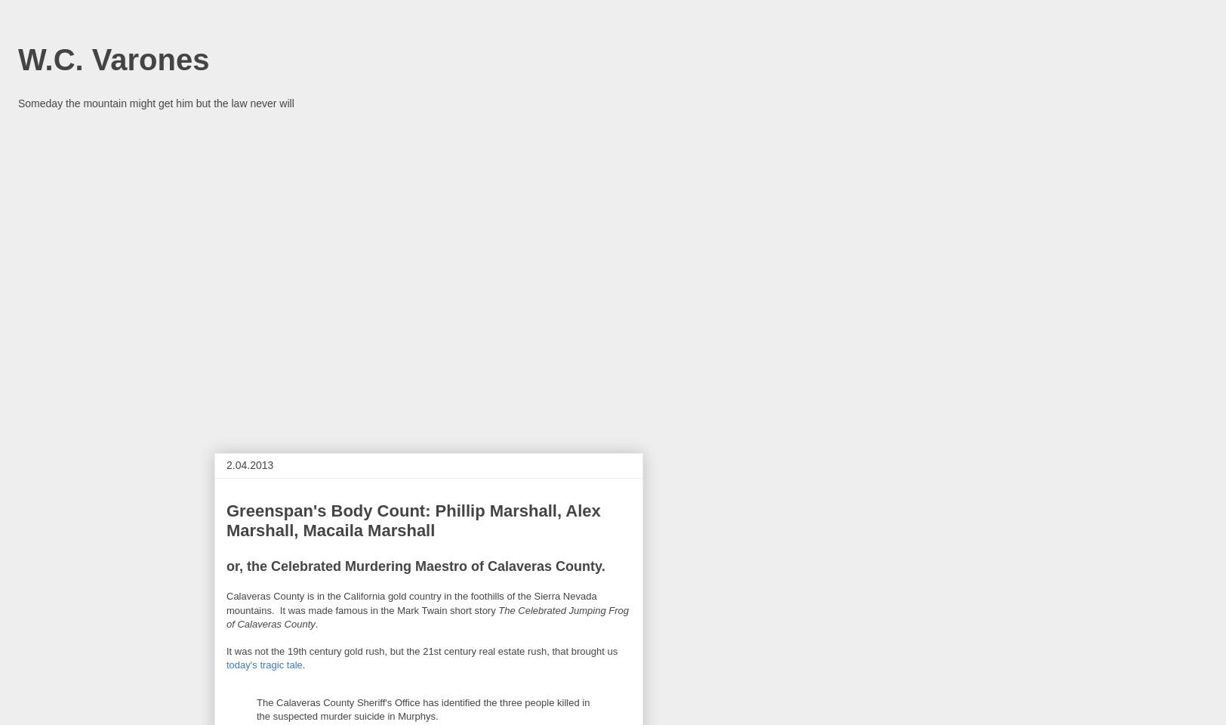 This screenshot has height=725, width=1226. I want to click on 'The Calaveras County Sheriff's Office has identified the three people killed in the suspected murder suicide in Murphys.', so click(423, 708).